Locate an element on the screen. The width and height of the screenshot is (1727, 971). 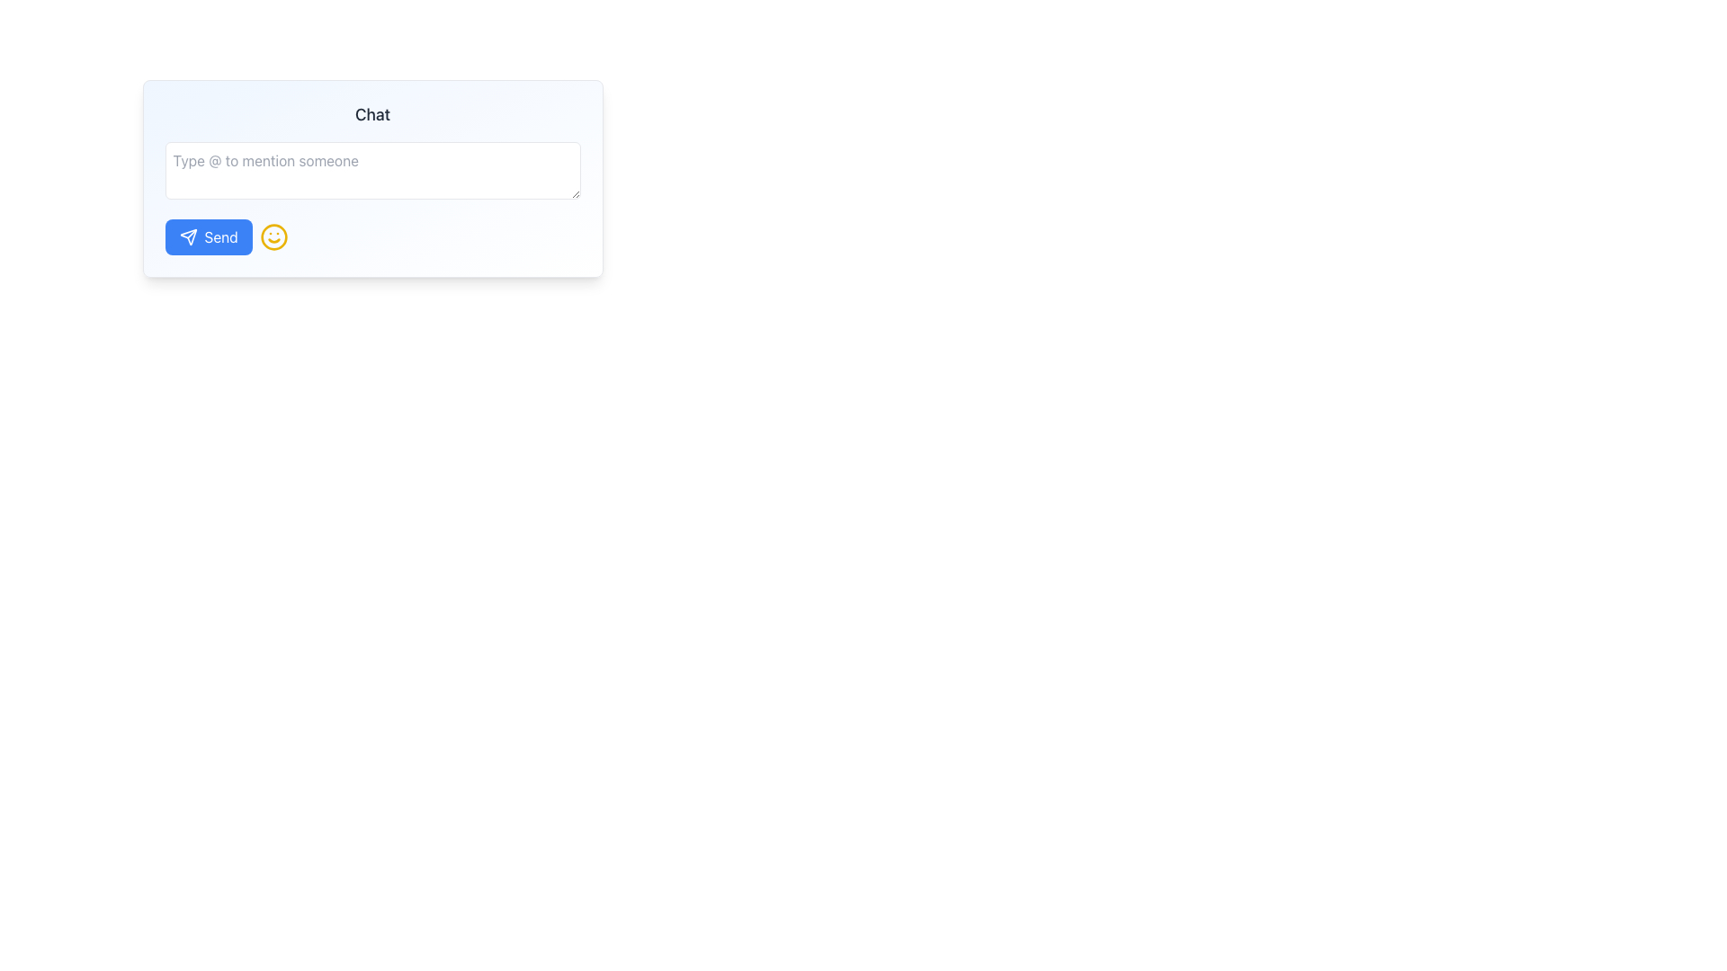
the emoji picker Icon button located to the right of the 'Send' button is located at coordinates (273, 236).